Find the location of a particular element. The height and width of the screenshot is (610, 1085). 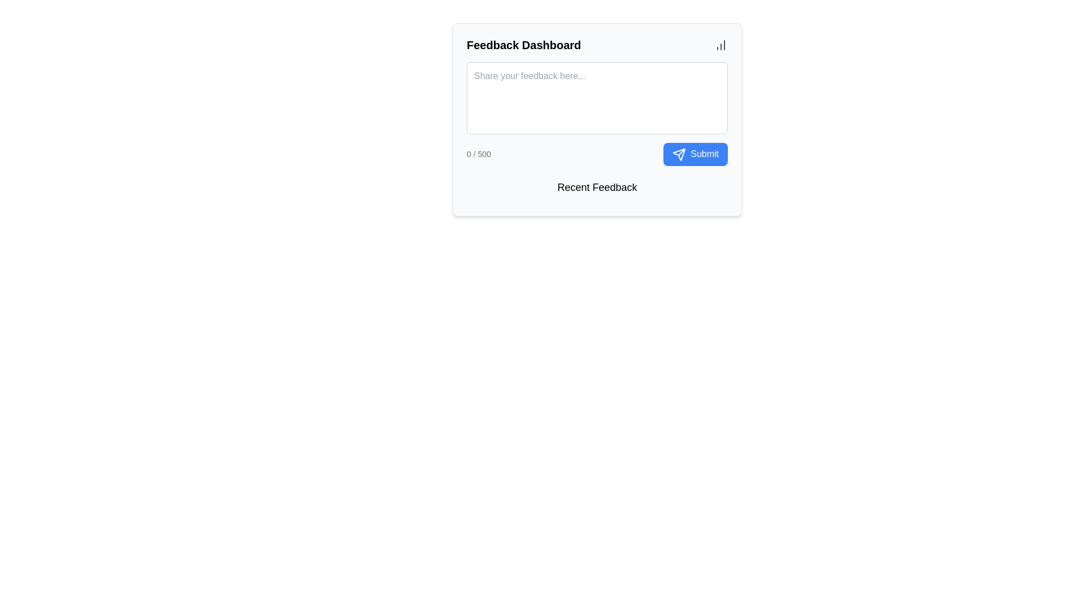

the 'Recent Feedback' label, which is styled with medium font weight and larger size, located at the bottom of the feedback dashboard interface is located at coordinates (596, 186).